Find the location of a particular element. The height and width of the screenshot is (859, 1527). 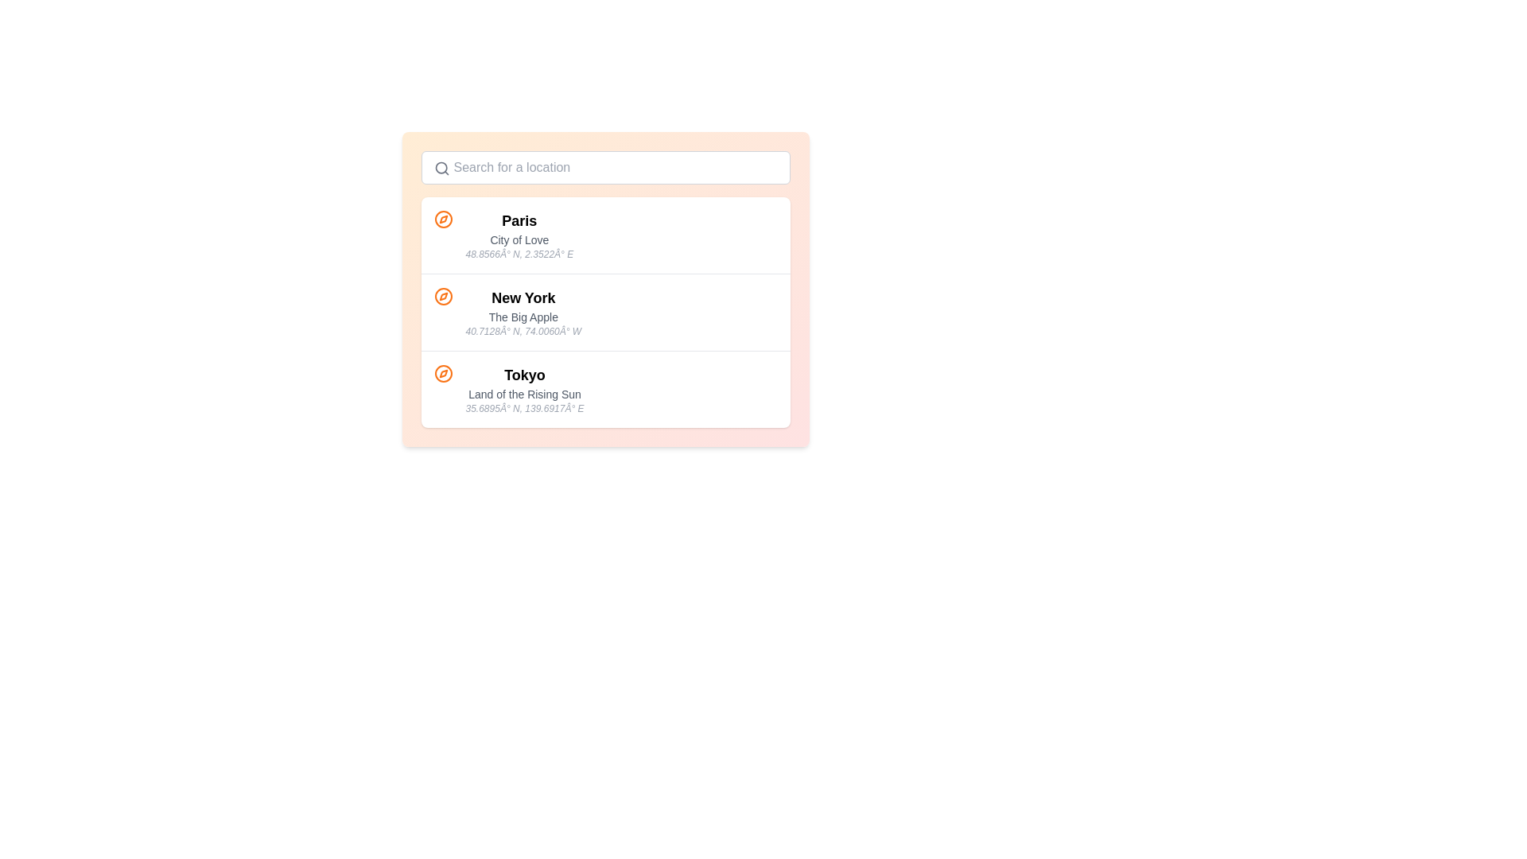

the stylish gray magnifying glass icon located at the far left of the search input field is located at coordinates (441, 169).